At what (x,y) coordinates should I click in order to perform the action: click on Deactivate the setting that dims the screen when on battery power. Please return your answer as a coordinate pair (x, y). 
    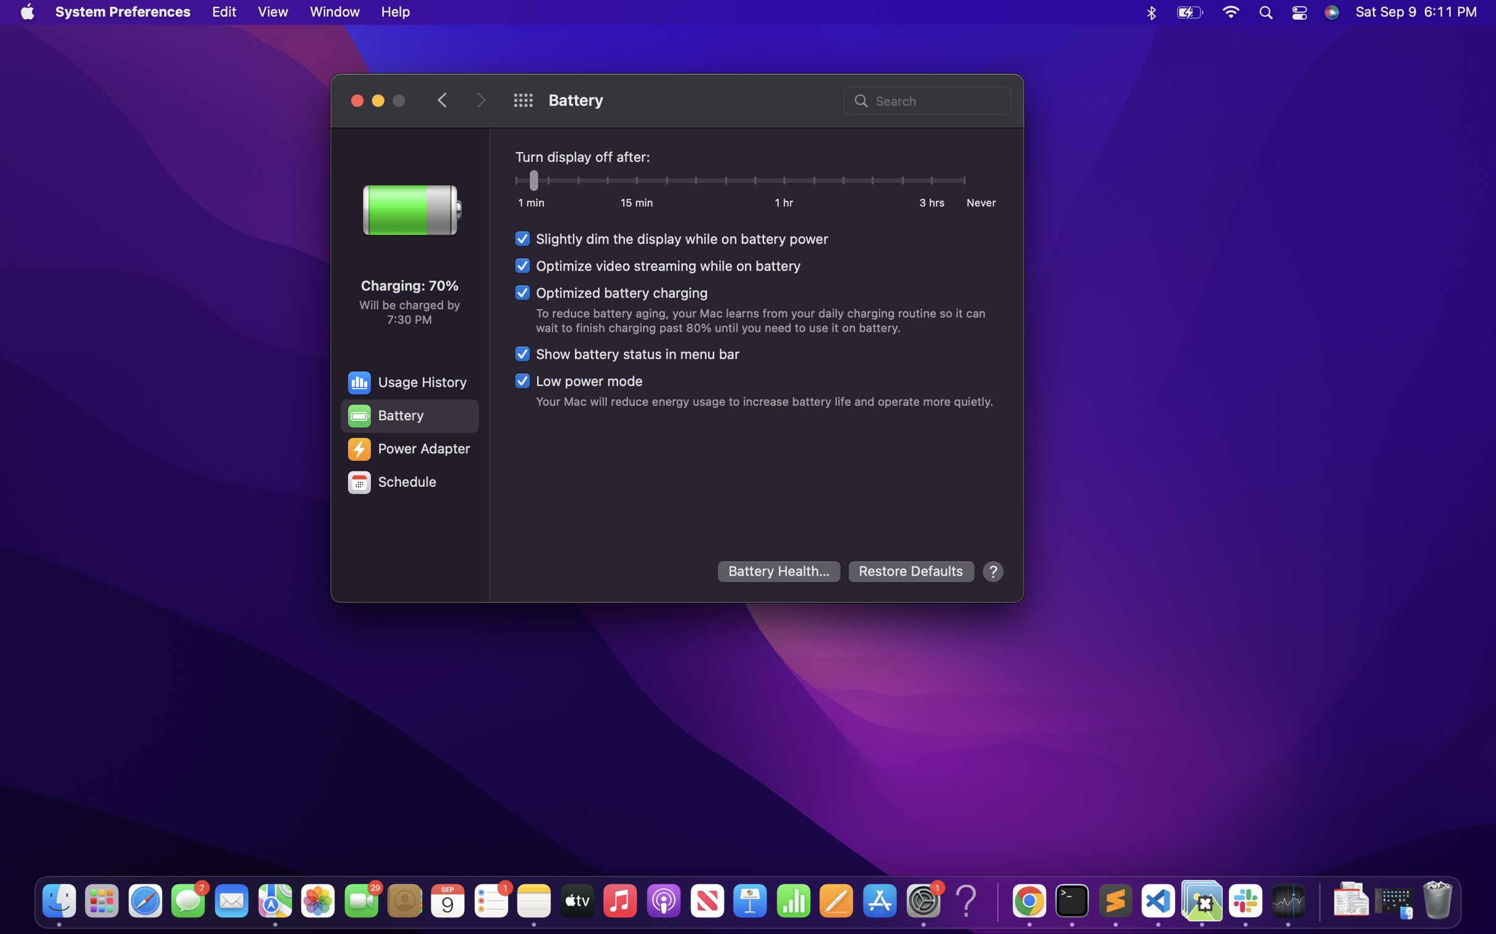
    Looking at the image, I should click on (671, 238).